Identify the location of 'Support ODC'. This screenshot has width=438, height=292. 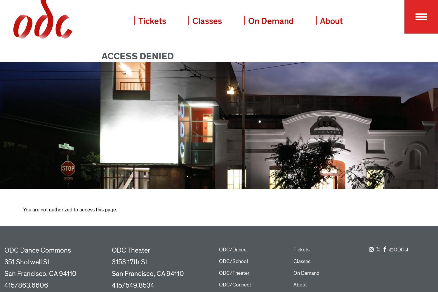
(19, 156).